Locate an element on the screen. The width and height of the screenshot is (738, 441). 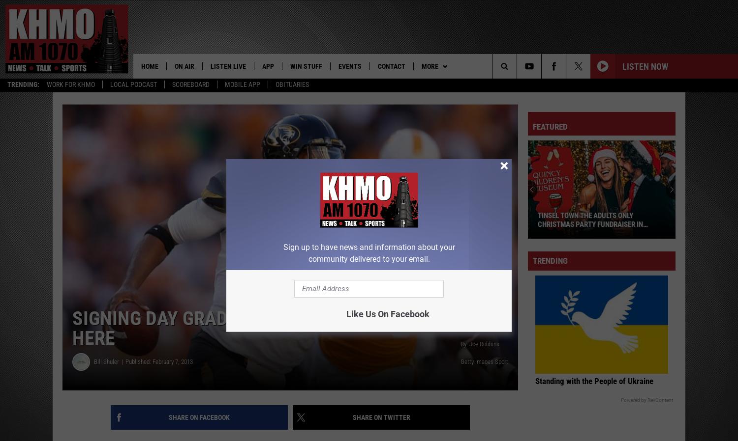
'On air' is located at coordinates (183, 65).